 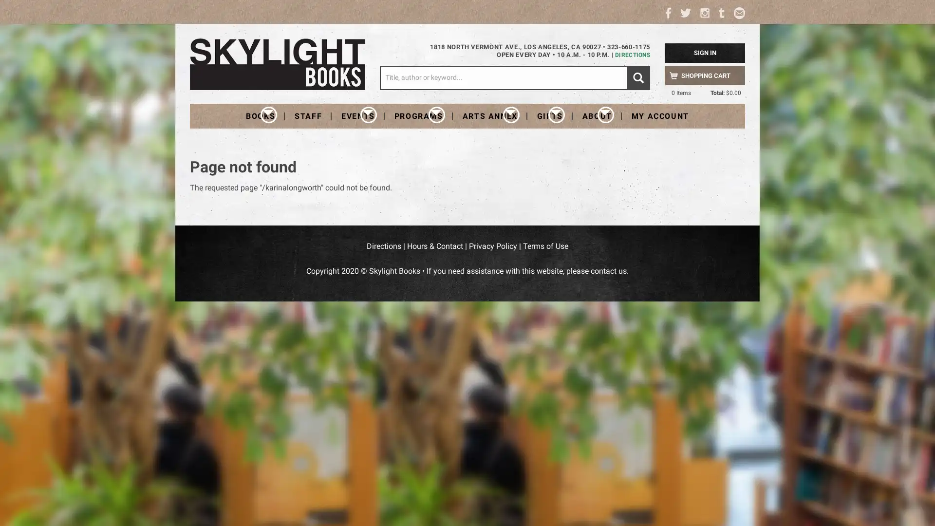 I want to click on search, so click(x=638, y=77).